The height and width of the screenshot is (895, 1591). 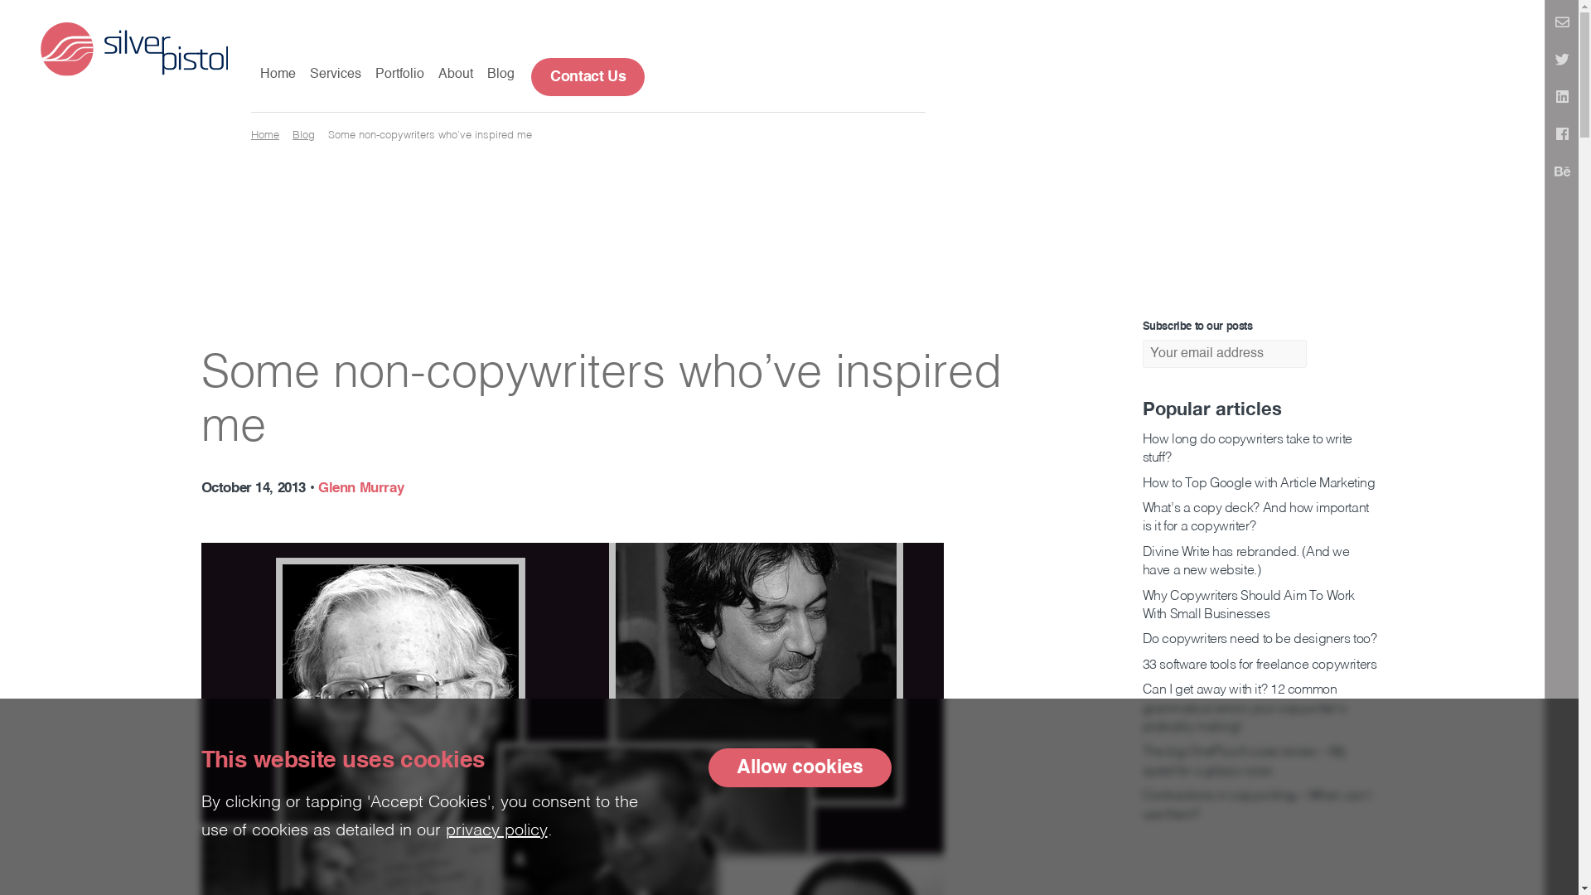 I want to click on 'Allow cookies', so click(x=799, y=767).